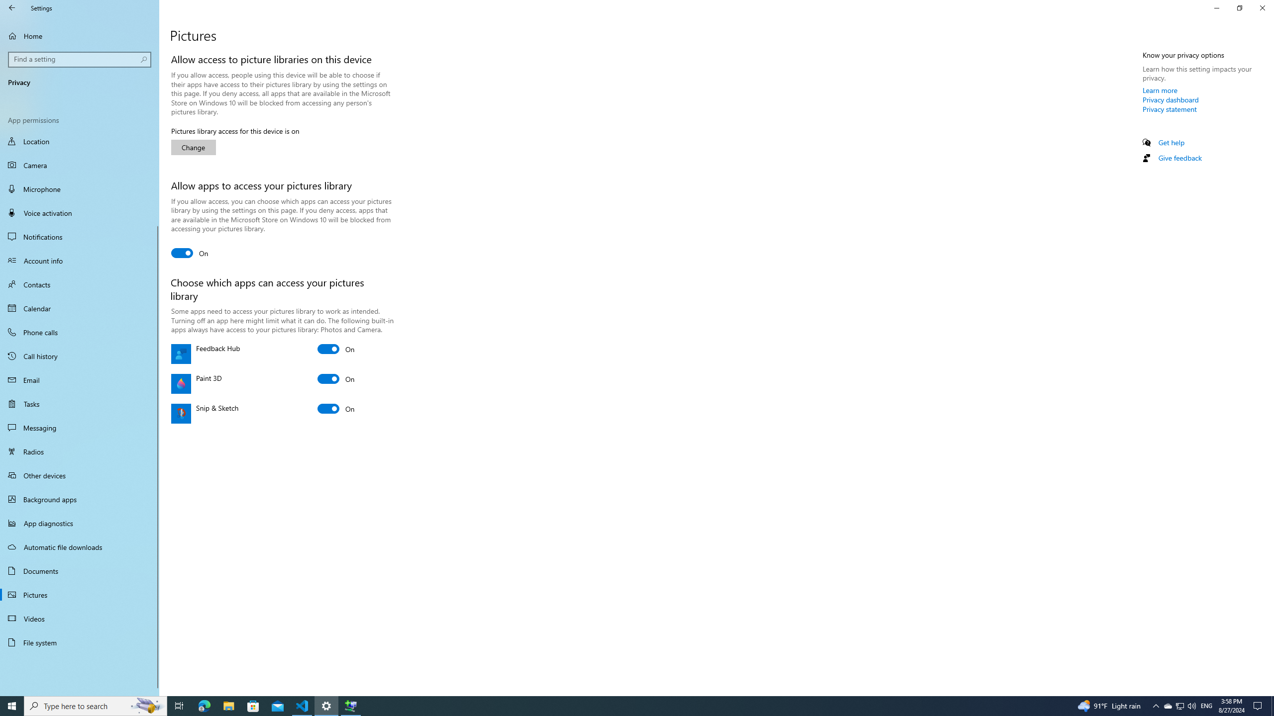  What do you see at coordinates (79, 522) in the screenshot?
I see `'App diagnostics'` at bounding box center [79, 522].